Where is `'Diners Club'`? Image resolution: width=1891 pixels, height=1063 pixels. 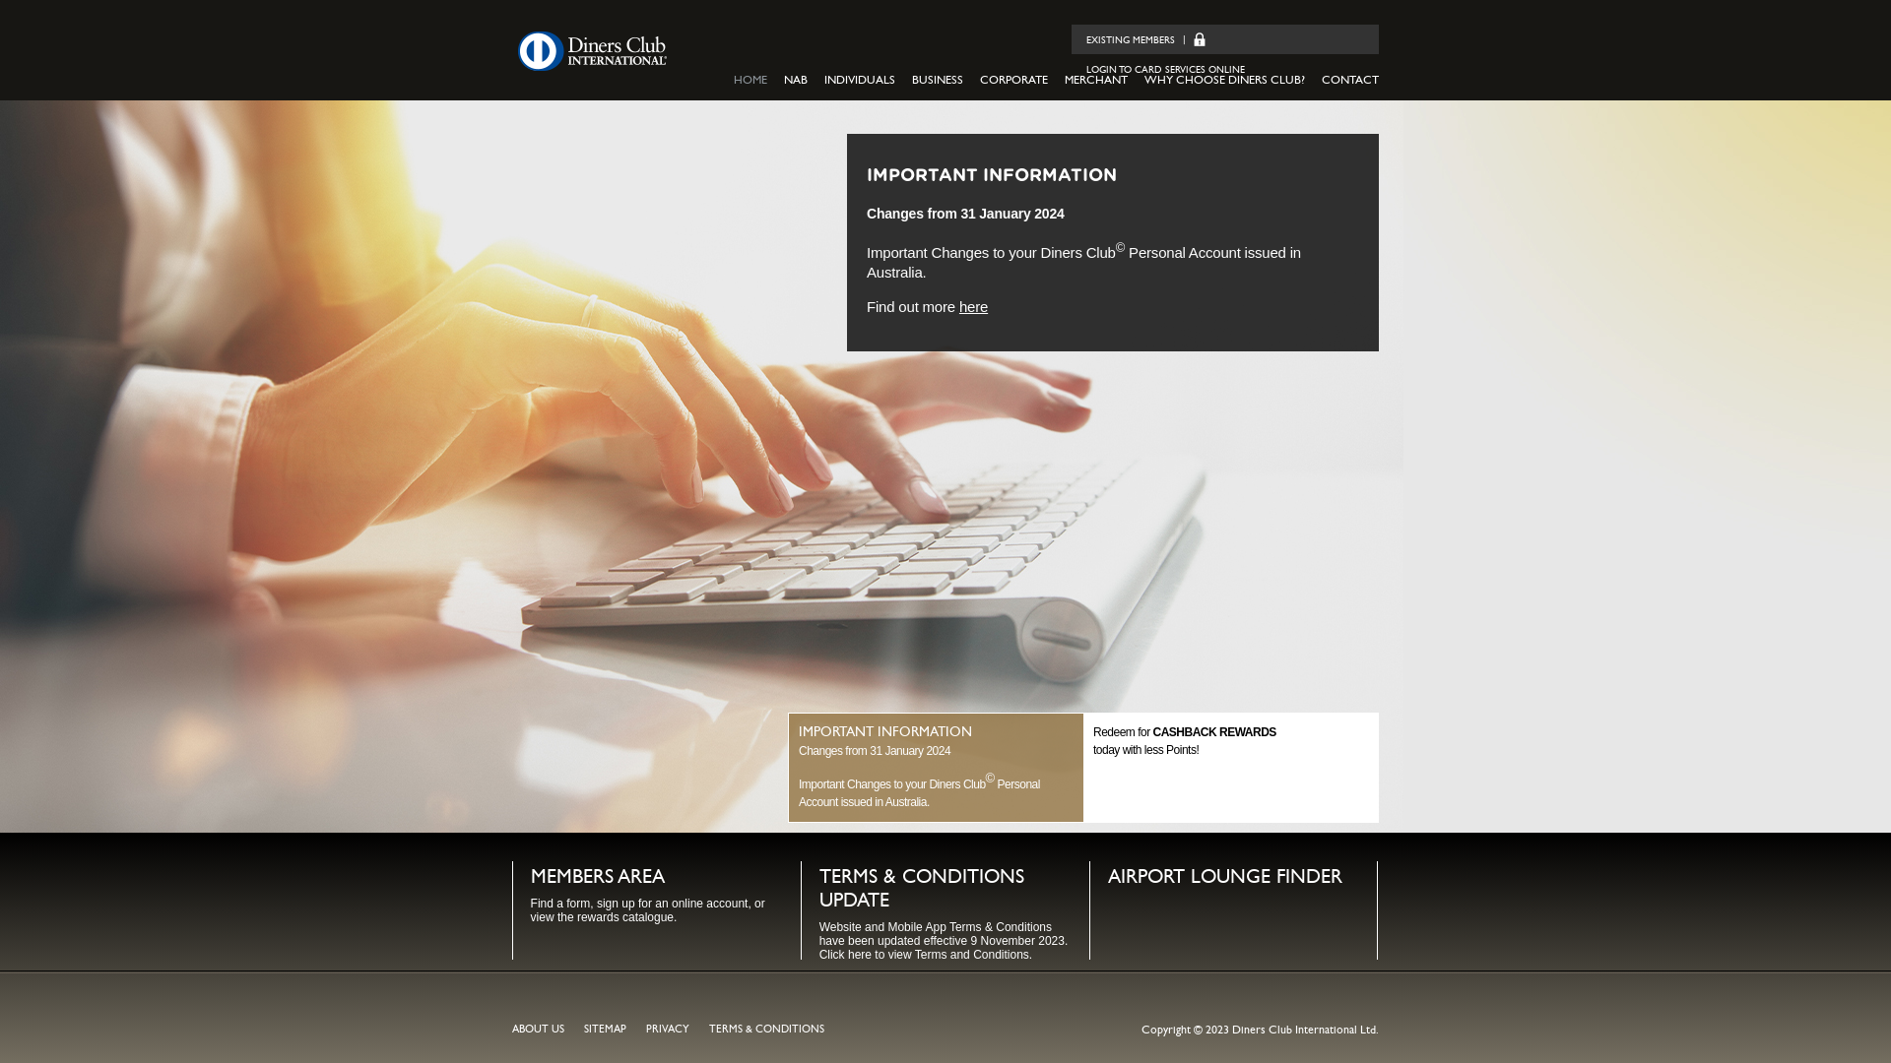
'Diners Club' is located at coordinates (590, 49).